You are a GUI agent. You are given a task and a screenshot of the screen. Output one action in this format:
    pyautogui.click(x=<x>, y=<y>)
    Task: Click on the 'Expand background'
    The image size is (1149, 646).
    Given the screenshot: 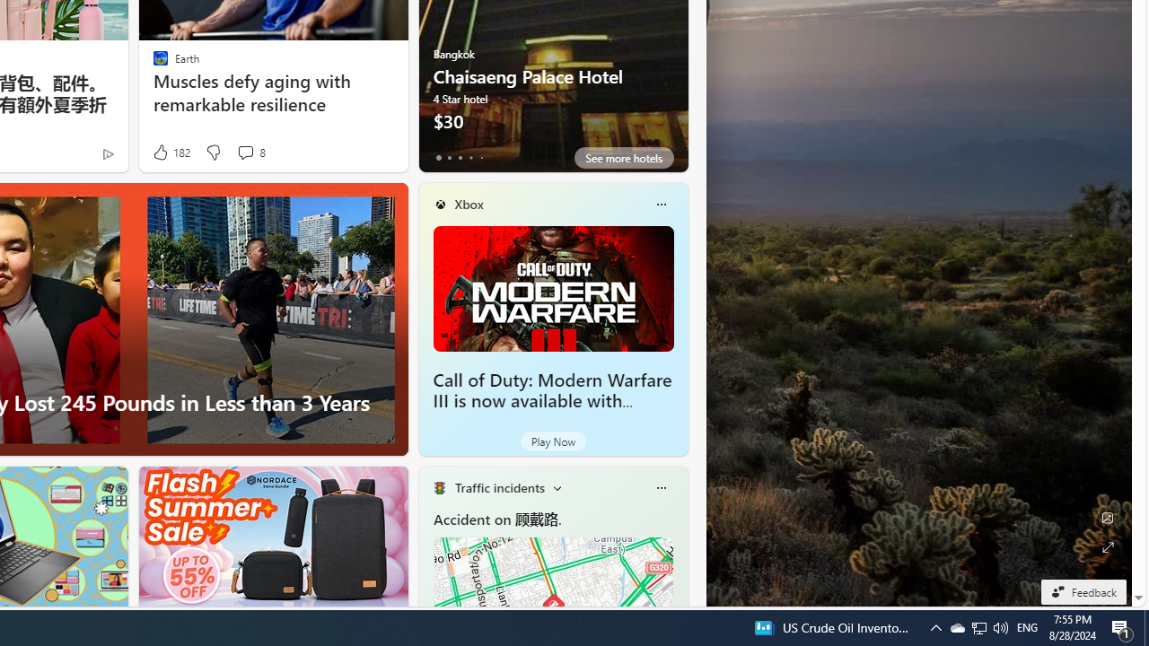 What is the action you would take?
    pyautogui.click(x=1106, y=546)
    